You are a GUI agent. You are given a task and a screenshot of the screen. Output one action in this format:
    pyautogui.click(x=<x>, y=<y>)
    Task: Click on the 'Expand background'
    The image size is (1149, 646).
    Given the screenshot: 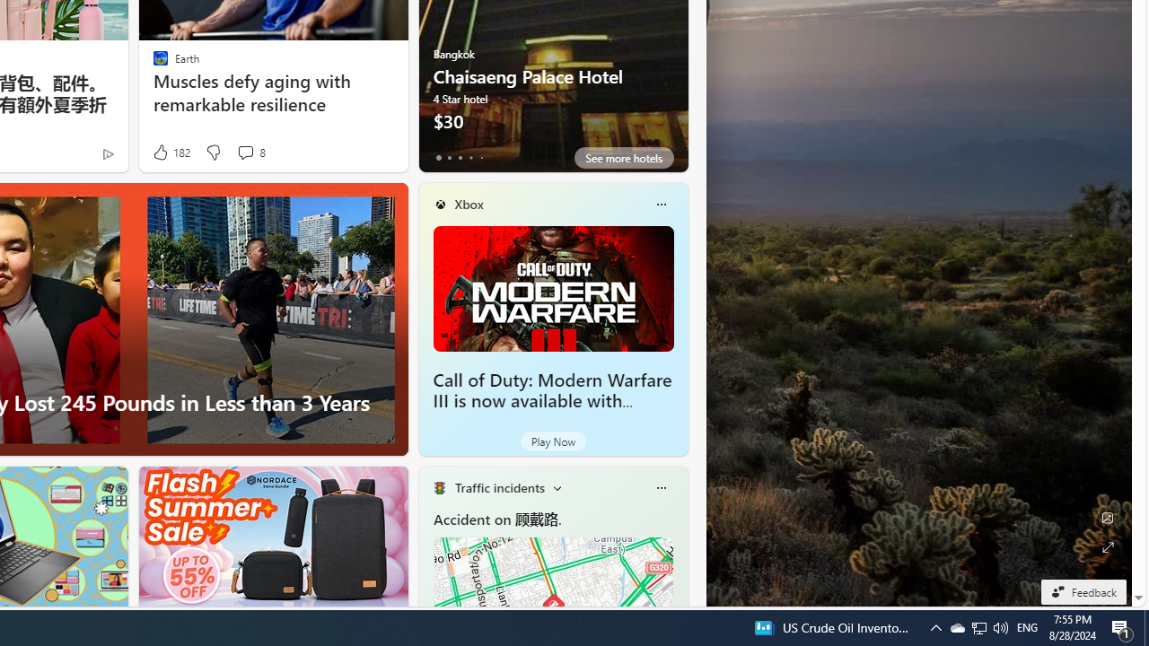 What is the action you would take?
    pyautogui.click(x=1106, y=546)
    